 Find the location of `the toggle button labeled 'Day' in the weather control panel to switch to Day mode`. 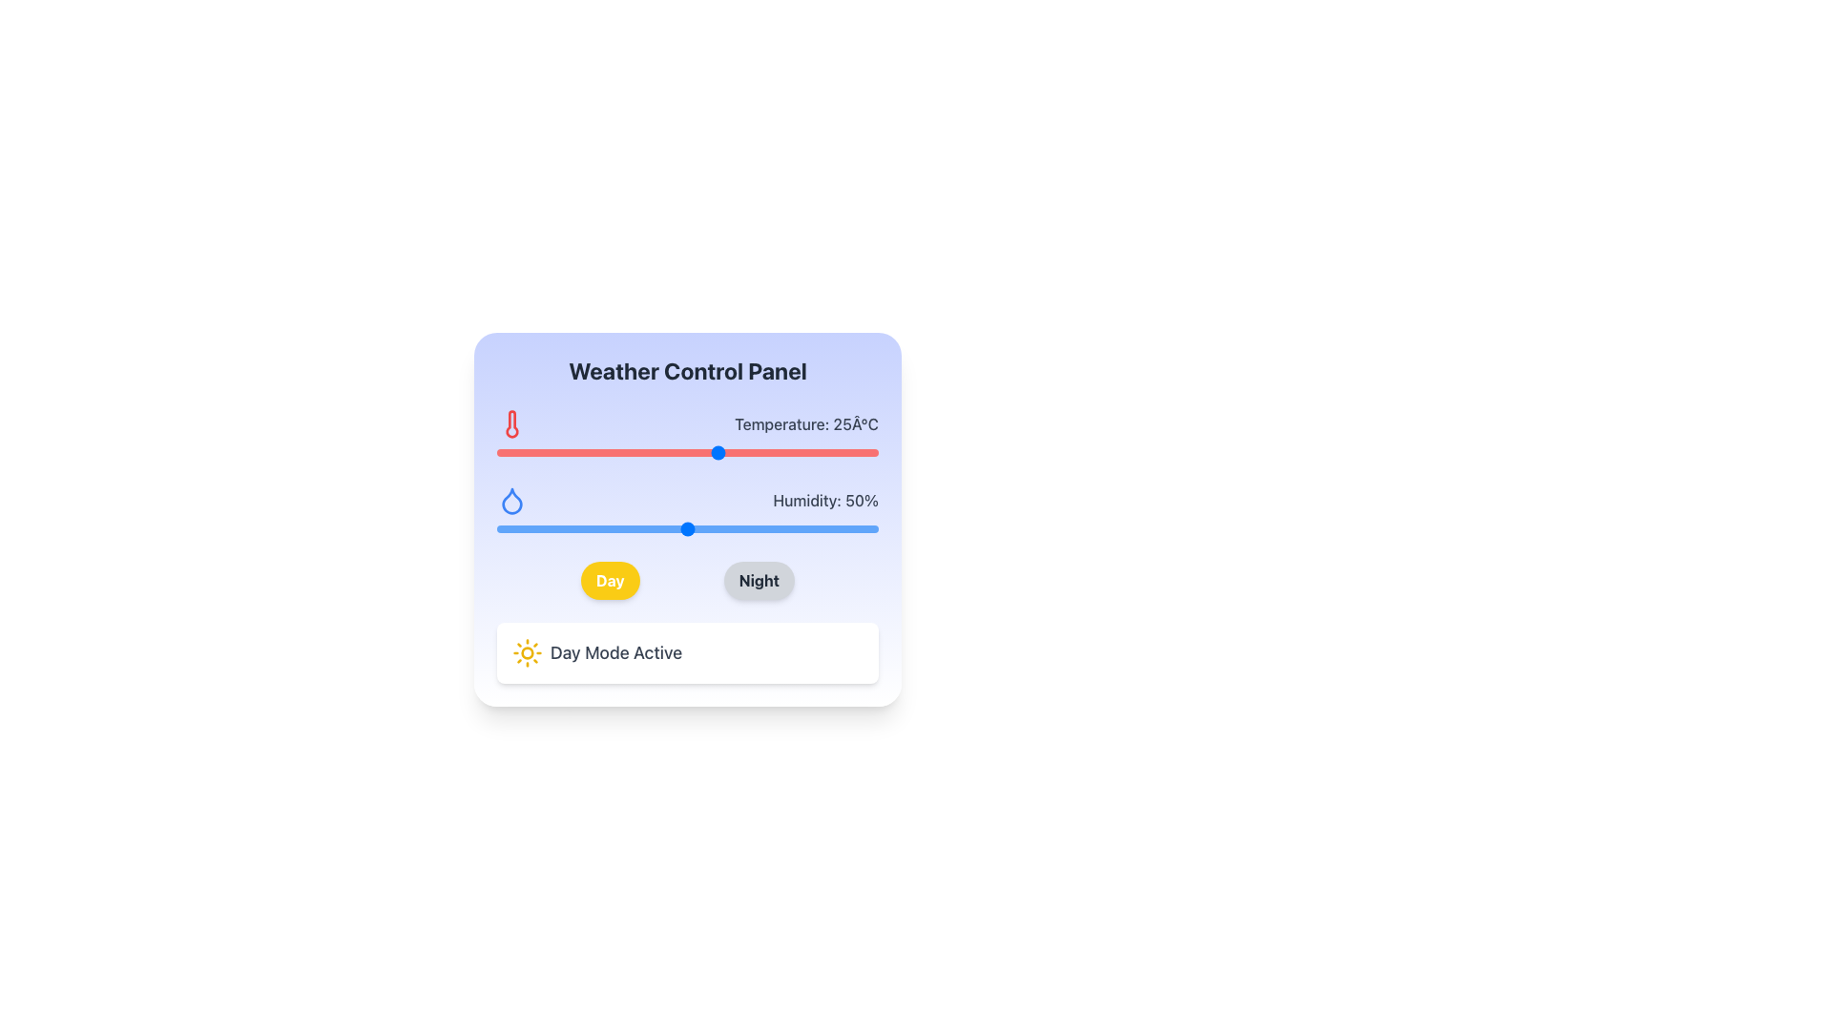

the toggle button labeled 'Day' in the weather control panel to switch to Day mode is located at coordinates (609, 580).